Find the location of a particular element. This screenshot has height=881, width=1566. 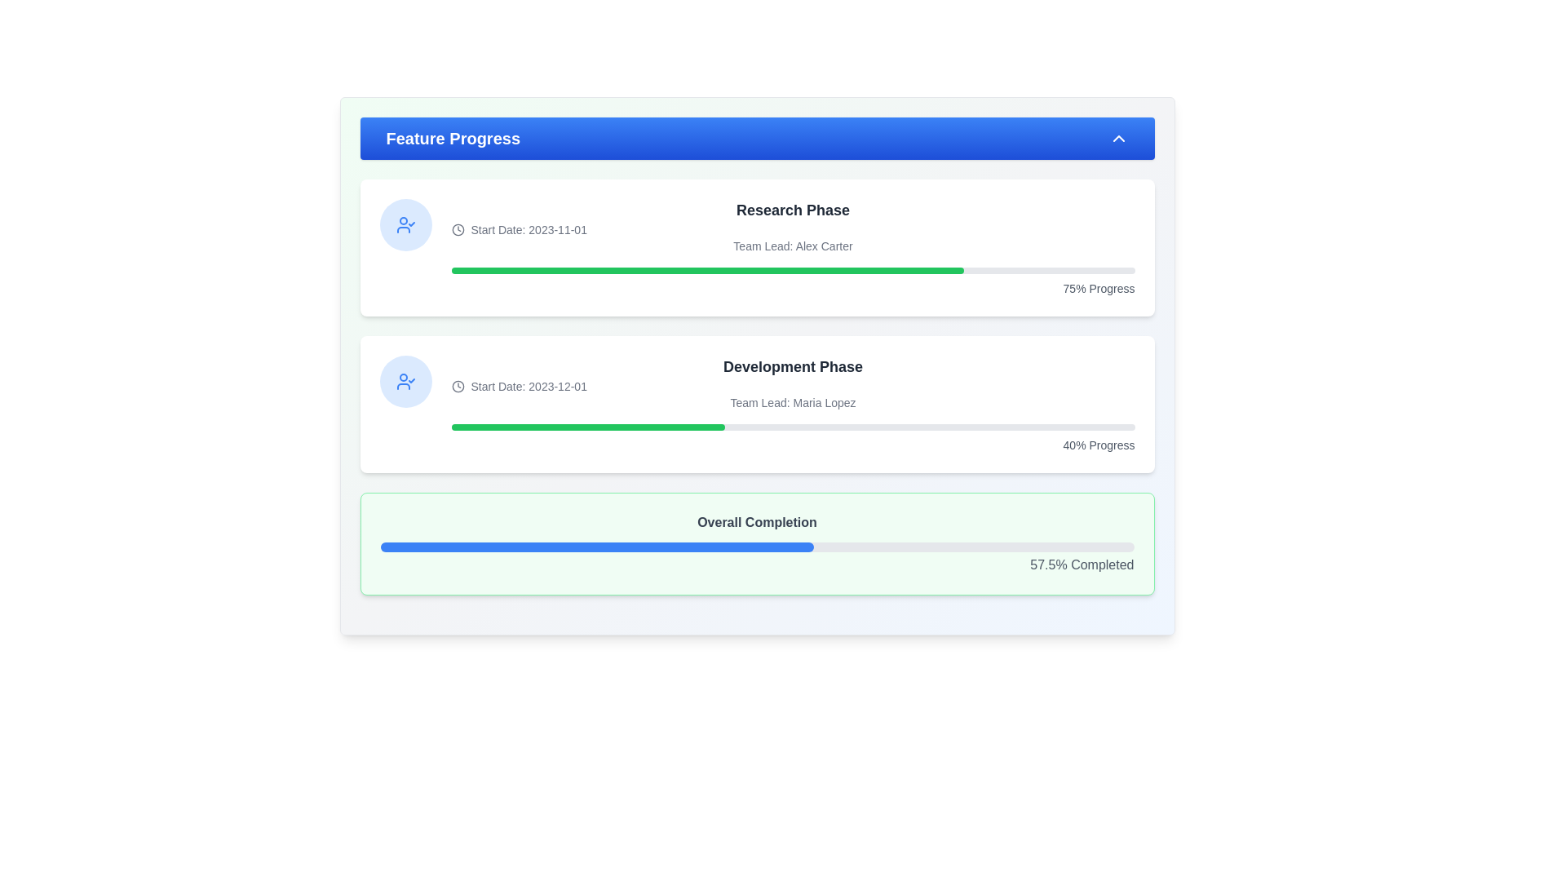

the chevron-up icon in the top right corner of the 'Feature Progress' header is located at coordinates (1117, 137).